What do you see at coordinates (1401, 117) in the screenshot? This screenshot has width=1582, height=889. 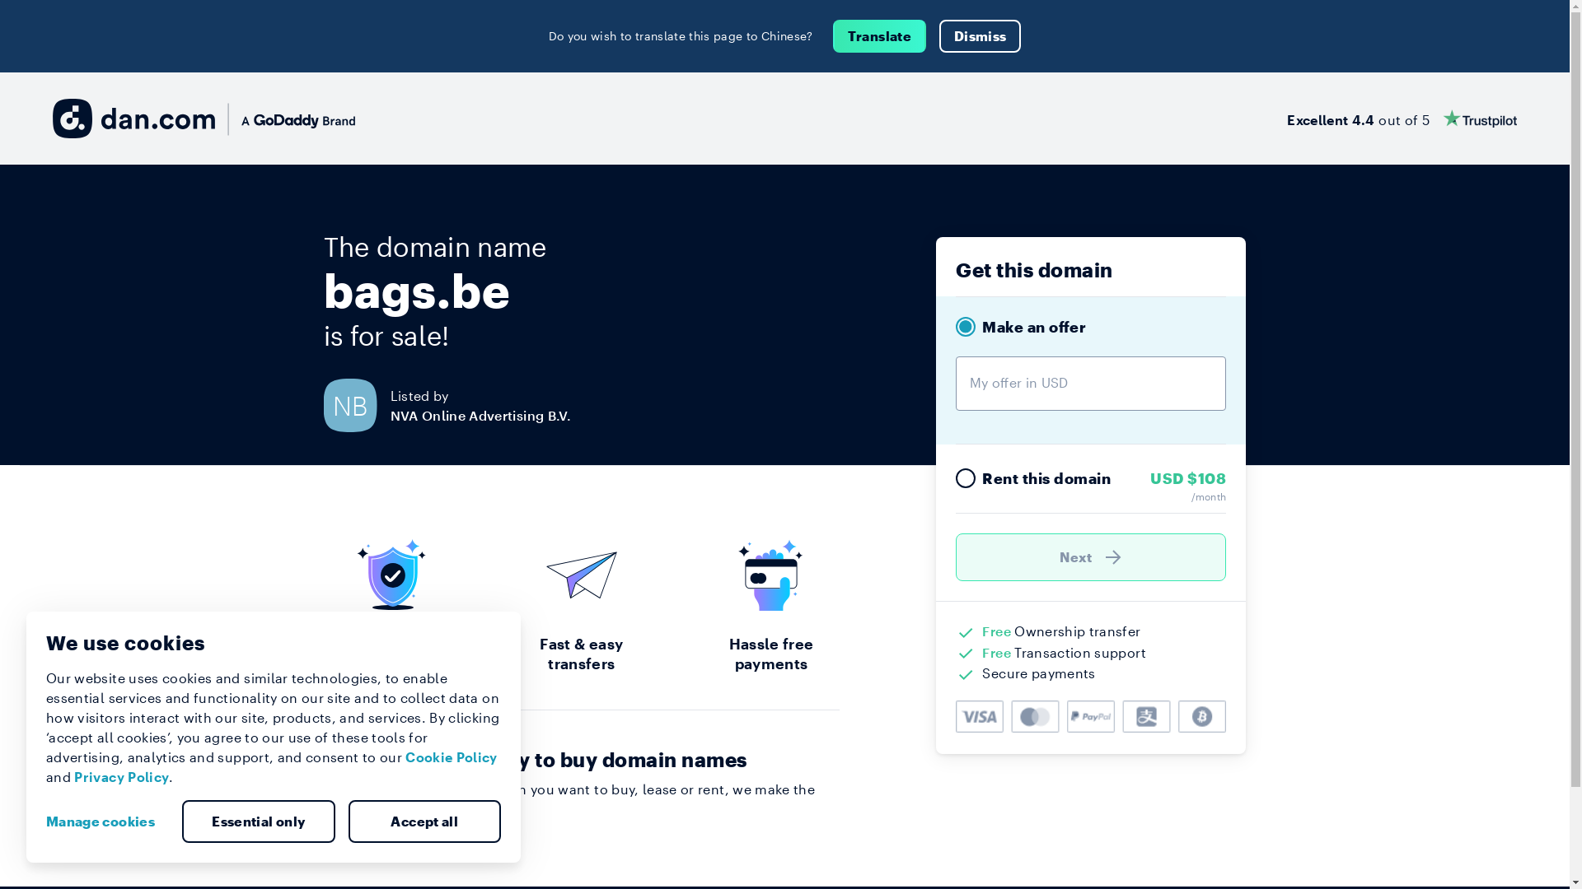 I see `'Excellent 4.4 out of 5'` at bounding box center [1401, 117].